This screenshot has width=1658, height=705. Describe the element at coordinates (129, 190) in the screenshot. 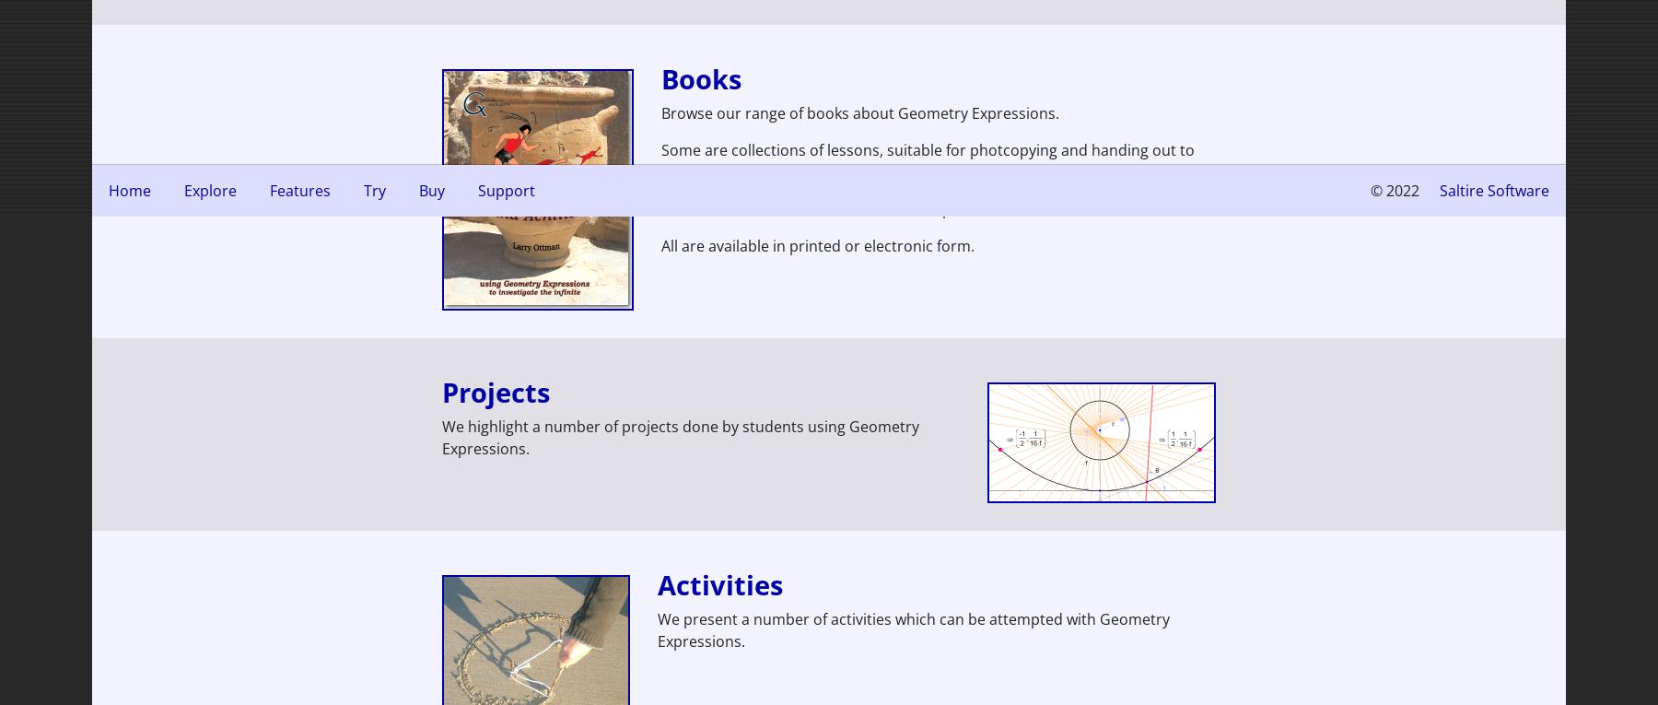

I see `'Home'` at that location.